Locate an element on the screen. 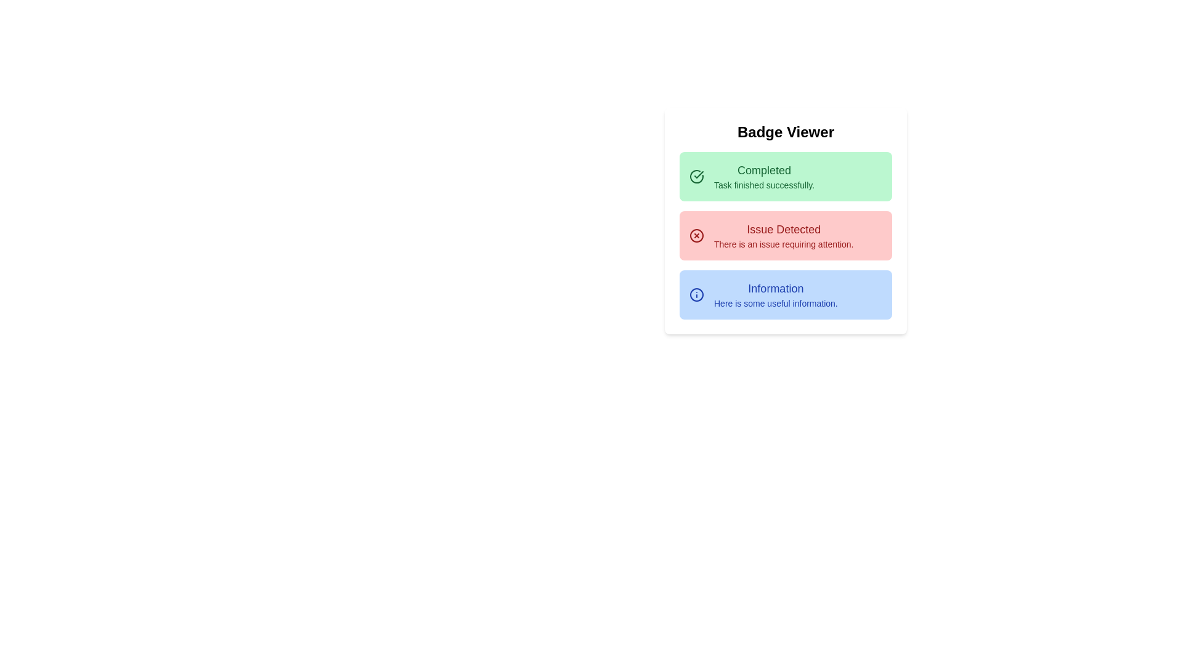  the informational text element that reads 'Here is some useful information.' styled in a small blue font, located below the heading 'Information' is located at coordinates (775, 304).